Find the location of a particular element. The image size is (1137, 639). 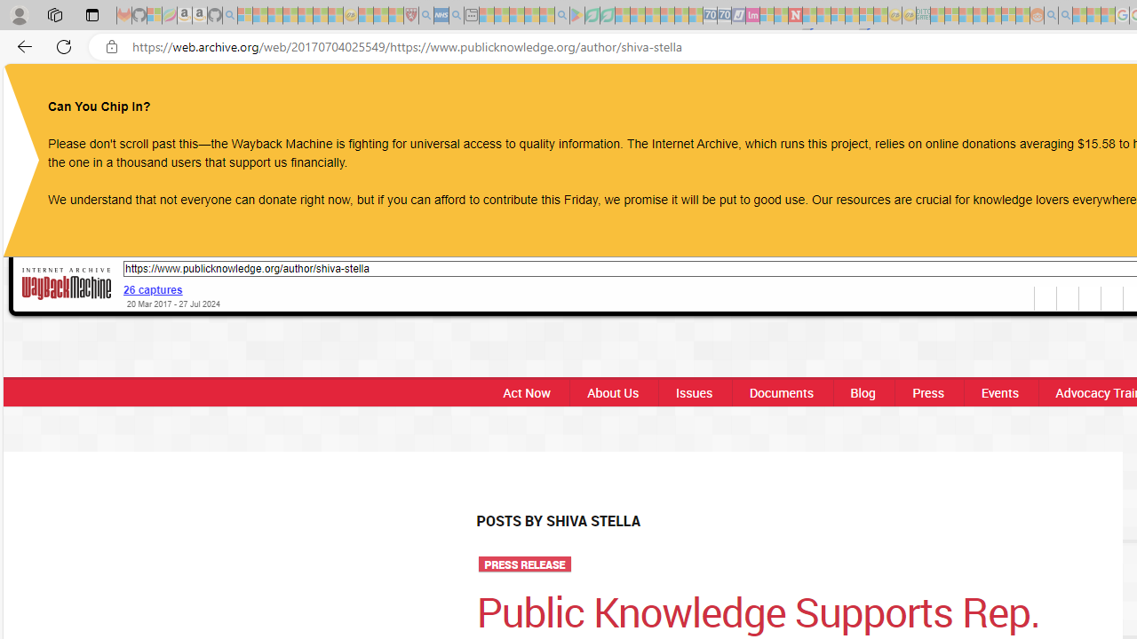

'About Us' is located at coordinates (612, 391).